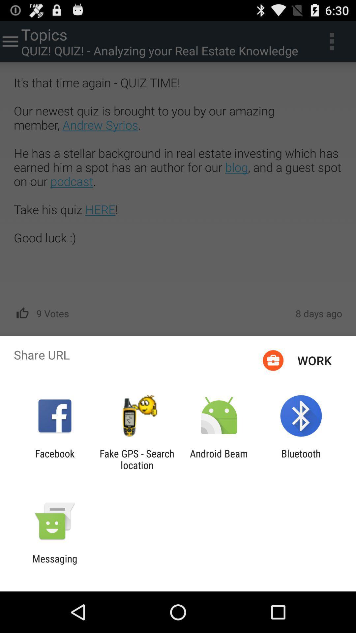  Describe the element at coordinates (301, 459) in the screenshot. I see `the app next to the android beam app` at that location.